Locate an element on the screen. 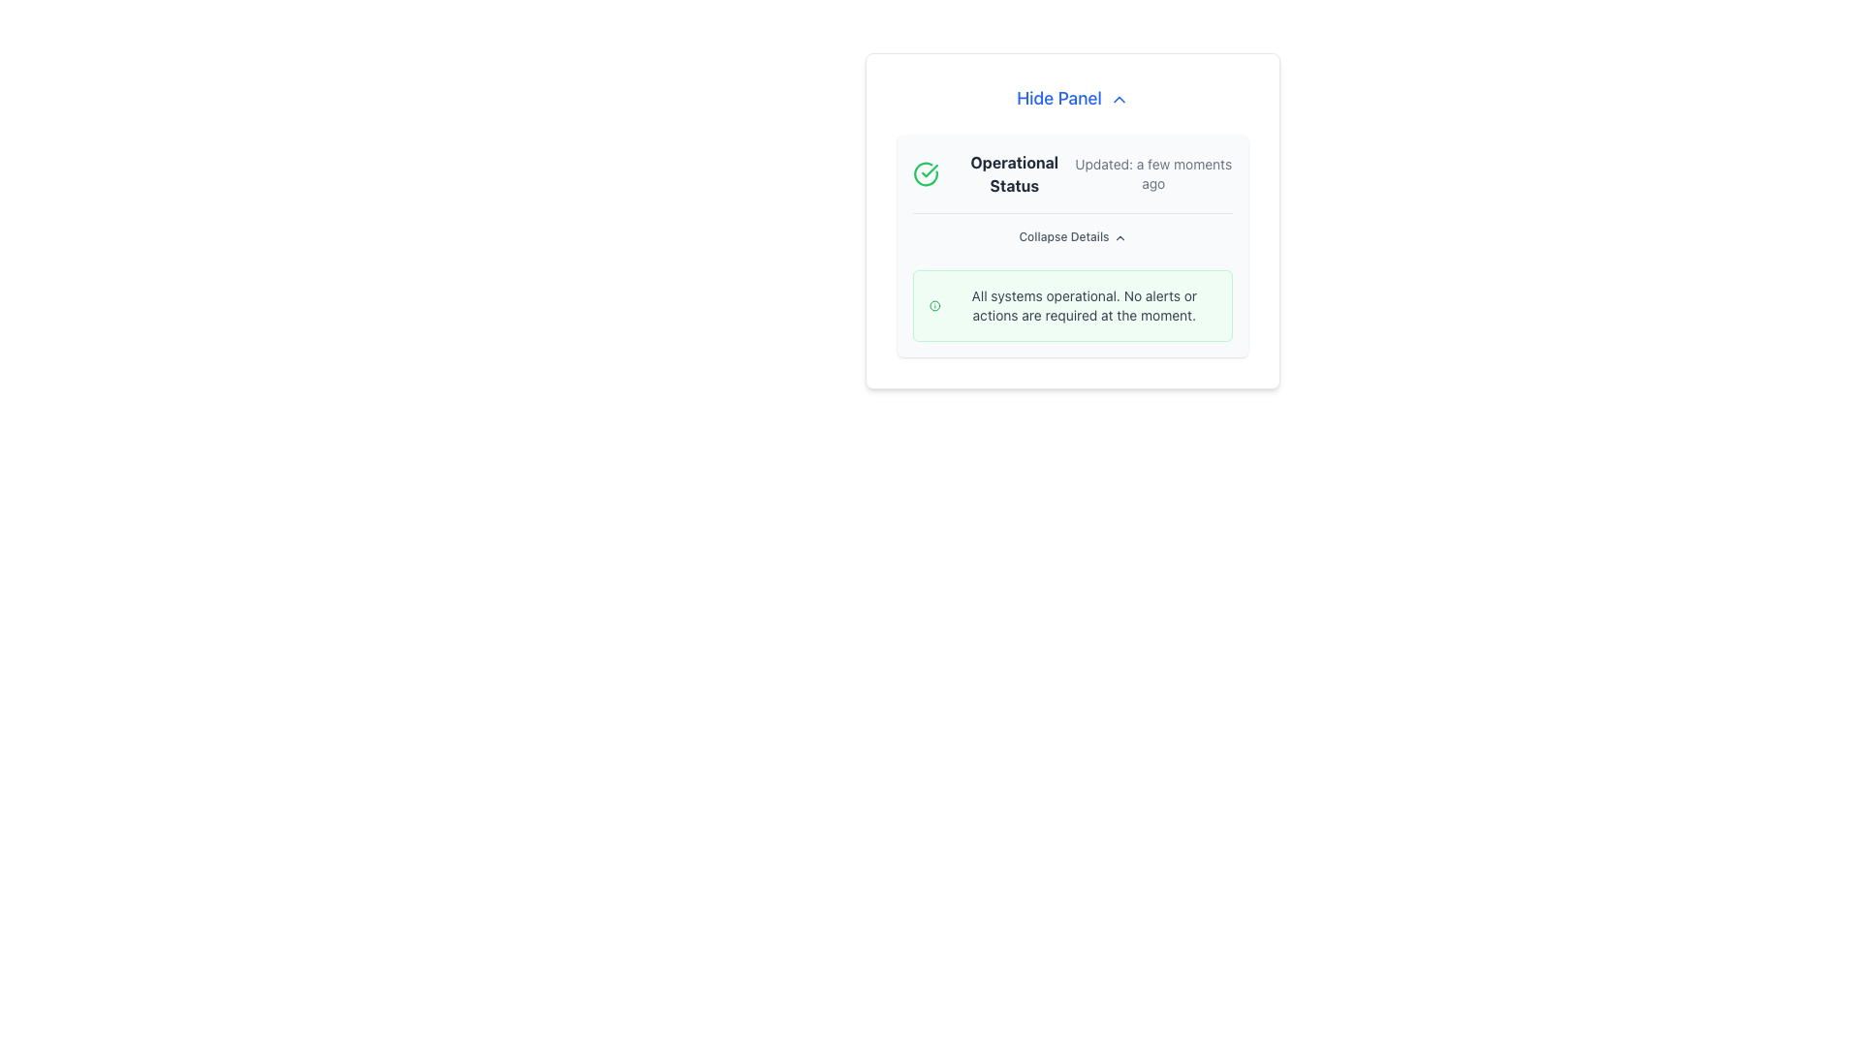 This screenshot has width=1861, height=1046. the 'Collapse Details' button with an upward arrow icon is located at coordinates (1072, 236).